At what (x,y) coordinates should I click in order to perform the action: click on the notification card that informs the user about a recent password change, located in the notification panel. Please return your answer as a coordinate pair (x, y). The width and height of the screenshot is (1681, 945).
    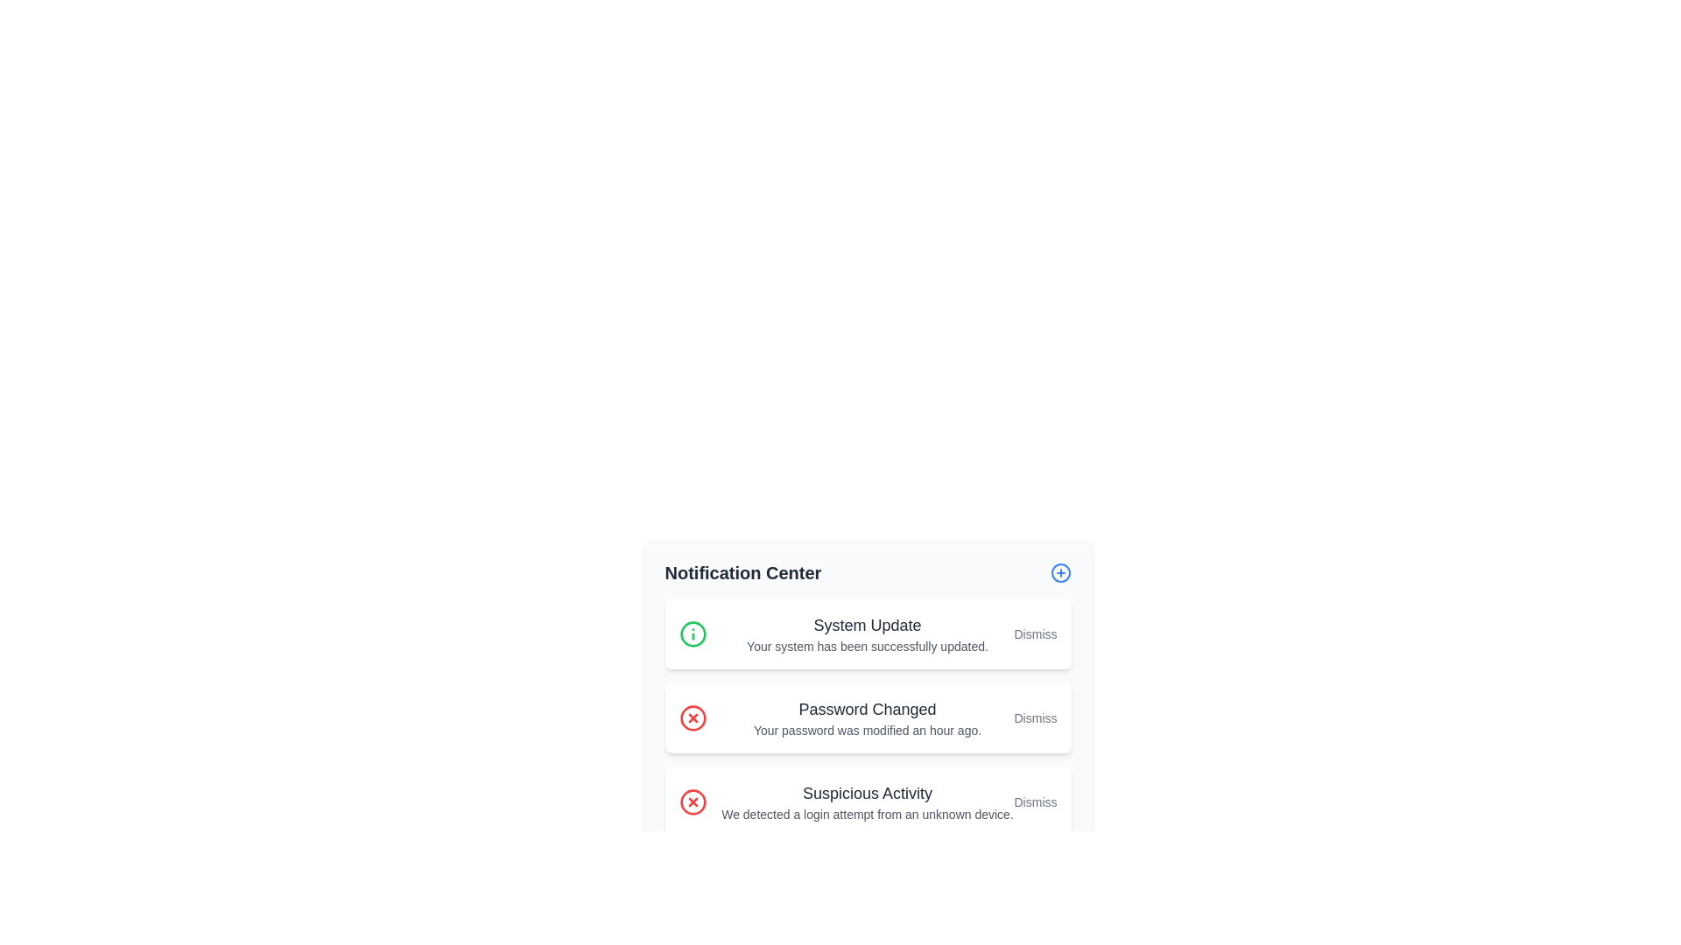
    Looking at the image, I should click on (868, 718).